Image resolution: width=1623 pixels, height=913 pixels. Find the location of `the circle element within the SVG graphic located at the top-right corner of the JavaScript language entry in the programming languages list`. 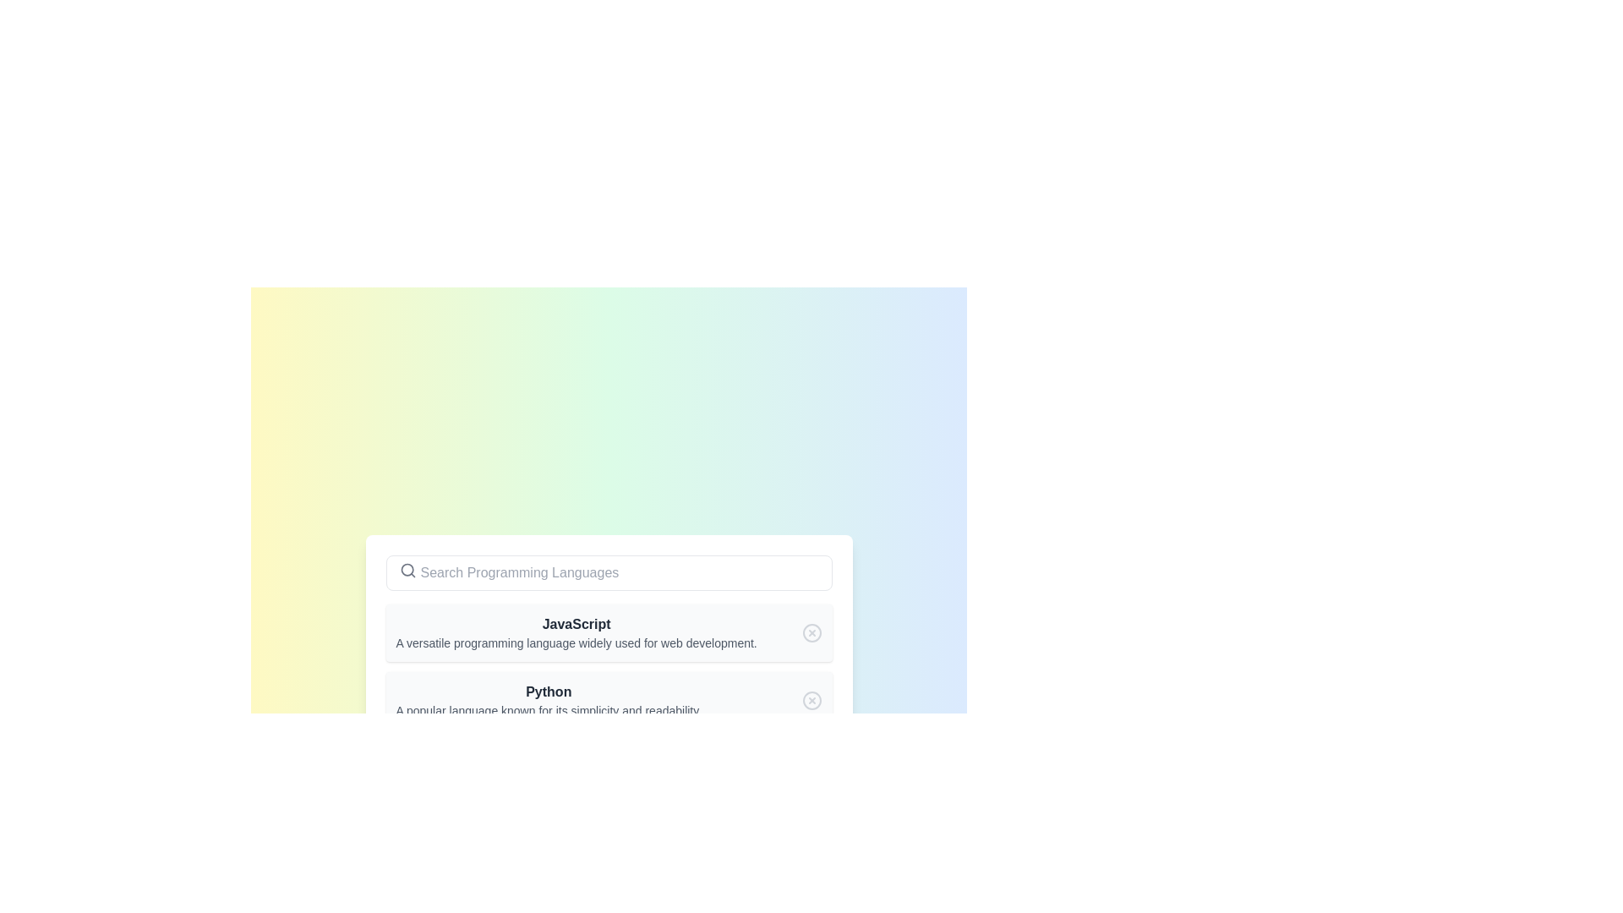

the circle element within the SVG graphic located at the top-right corner of the JavaScript language entry in the programming languages list is located at coordinates (811, 632).